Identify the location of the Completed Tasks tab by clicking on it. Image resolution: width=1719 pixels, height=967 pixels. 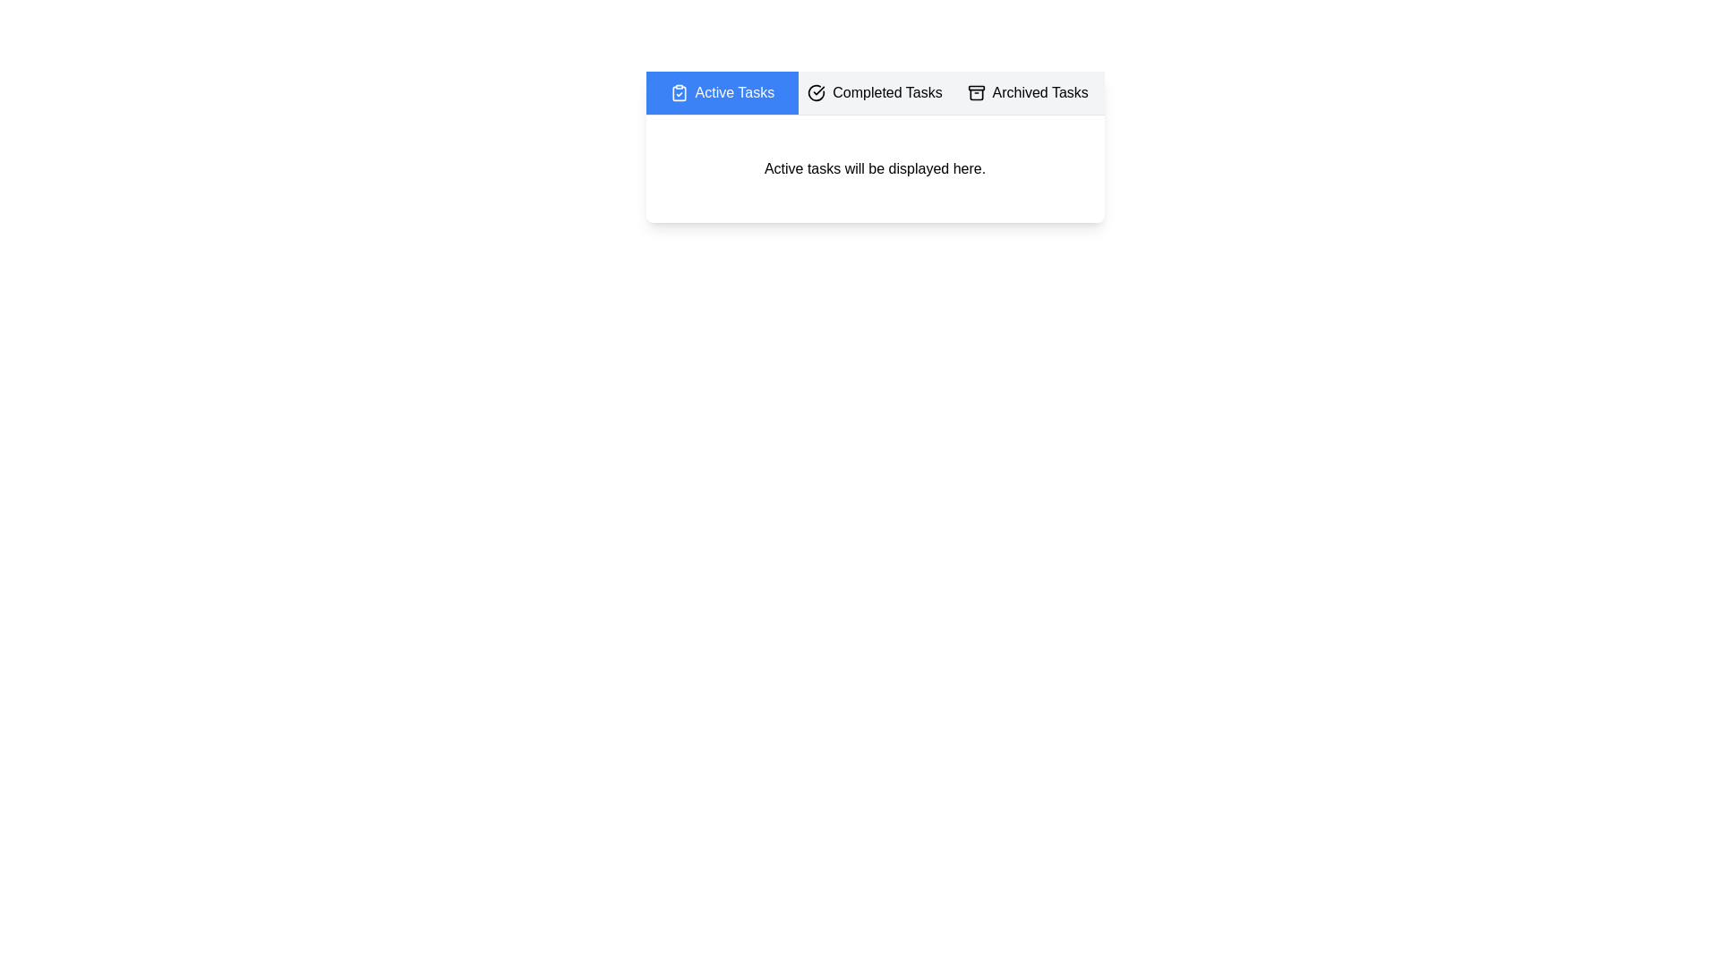
(875, 93).